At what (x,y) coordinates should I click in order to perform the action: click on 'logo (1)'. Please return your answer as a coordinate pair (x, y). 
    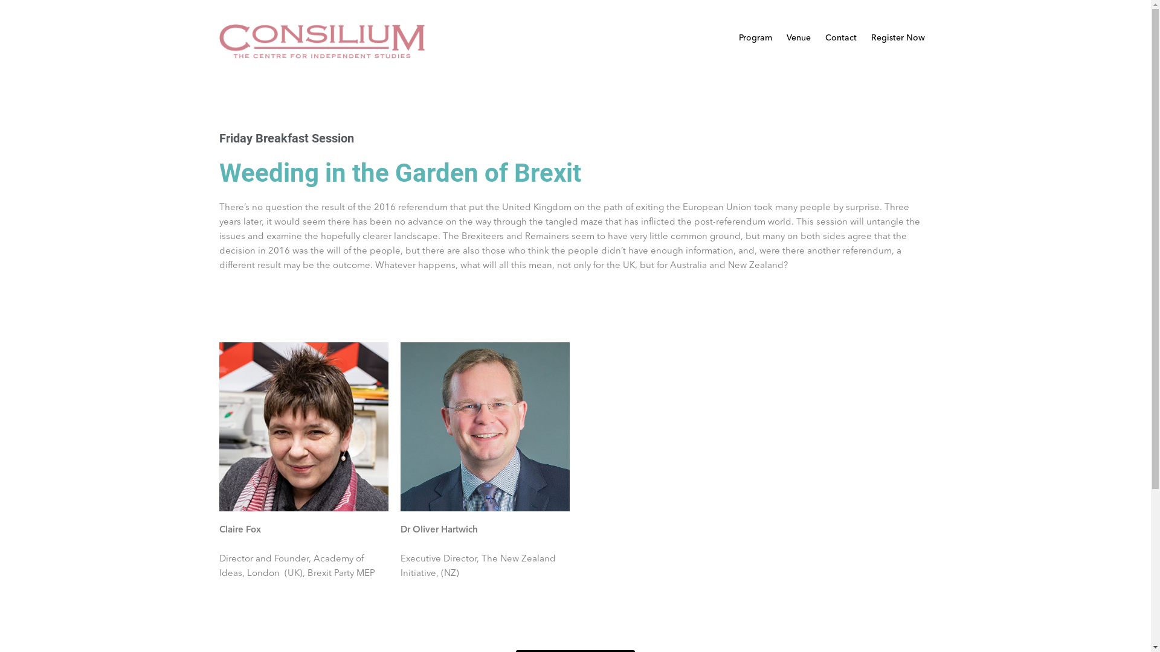
    Looking at the image, I should click on (321, 40).